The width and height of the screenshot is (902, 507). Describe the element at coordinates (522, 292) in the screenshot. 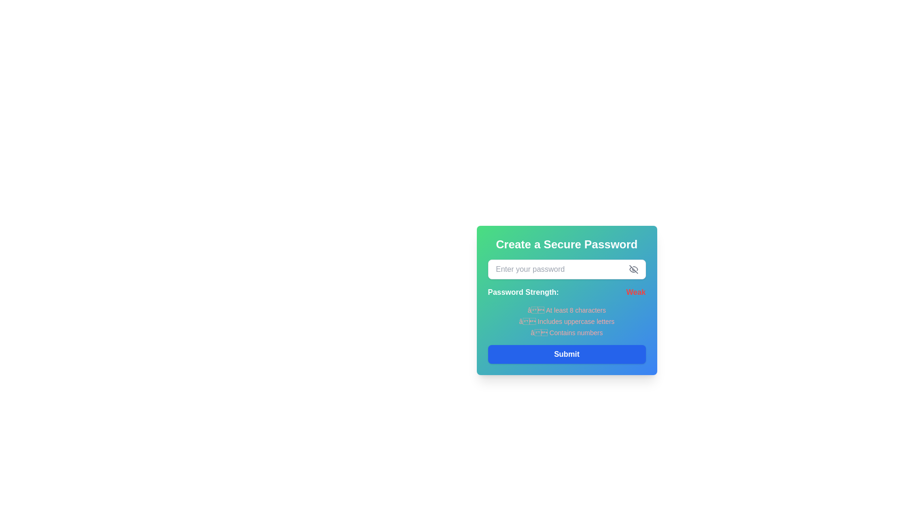

I see `the descriptive Text label that informs the user about the password strength indicator, located to the left of the 'Weak' text and aligned with the password input field` at that location.